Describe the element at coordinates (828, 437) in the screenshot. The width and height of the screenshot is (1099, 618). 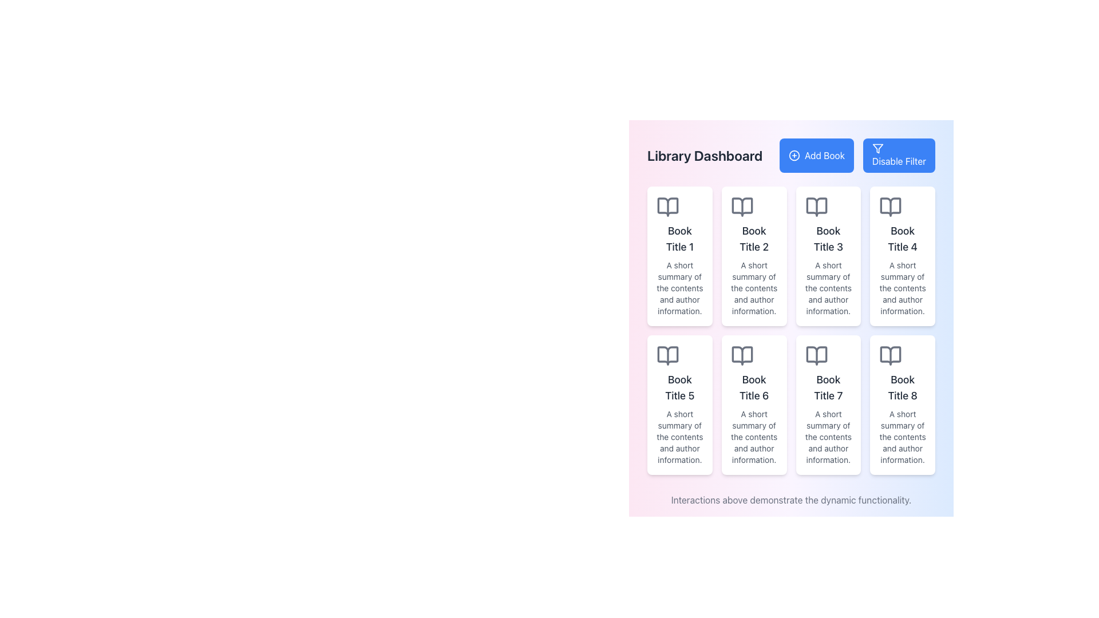
I see `the text label providing a brief summary of the book located at the bottom of the card labeled 'Book Title 7'` at that location.